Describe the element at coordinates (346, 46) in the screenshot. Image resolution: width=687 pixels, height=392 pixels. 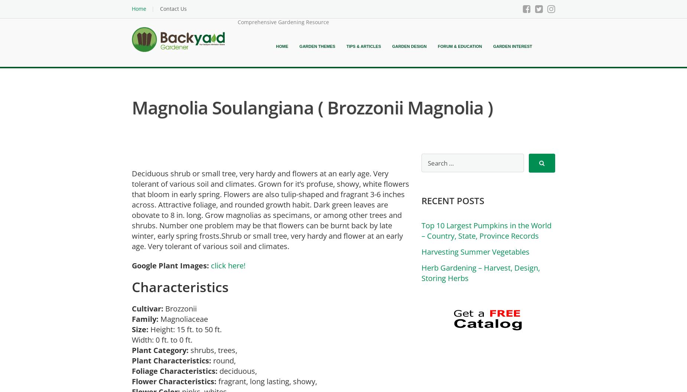
I see `'Tips & Articles'` at that location.